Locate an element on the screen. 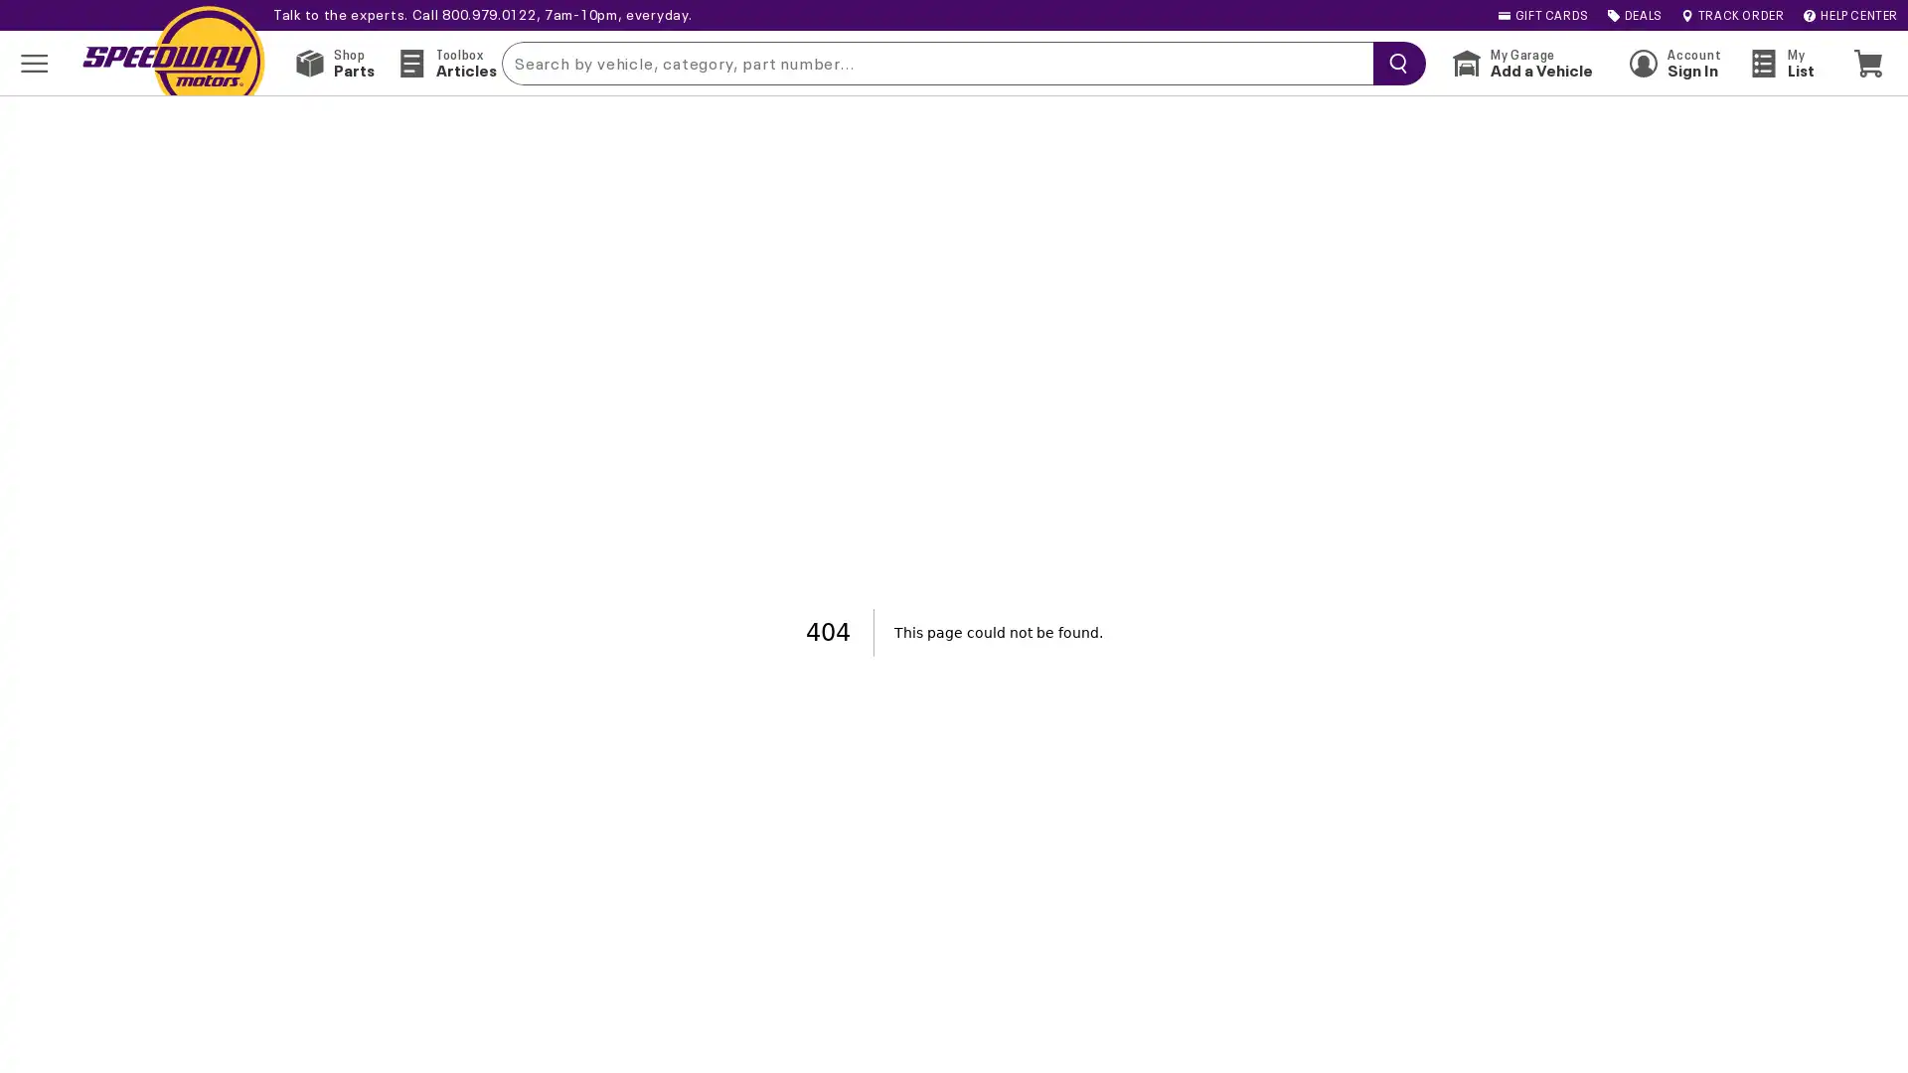  Toolbox Articles is located at coordinates (445, 62).